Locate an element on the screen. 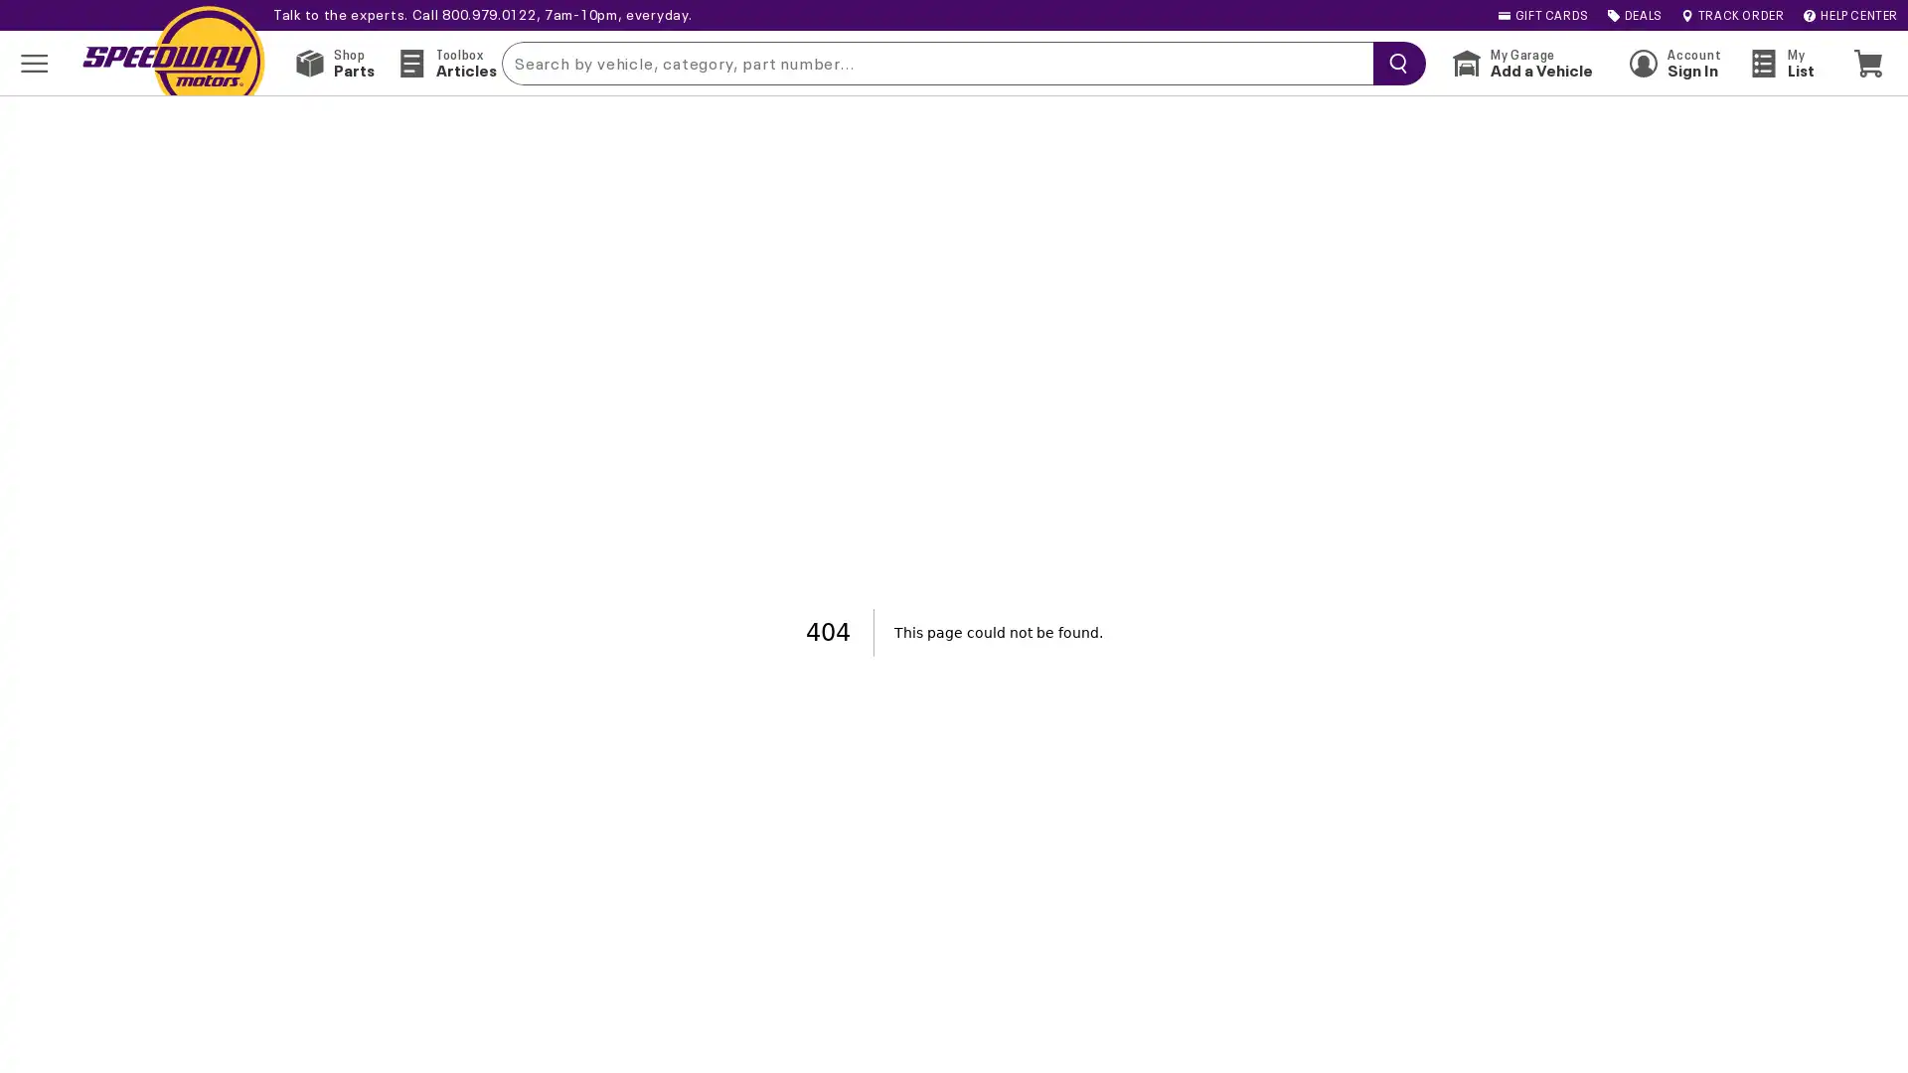  Toolbox Articles is located at coordinates (445, 62).